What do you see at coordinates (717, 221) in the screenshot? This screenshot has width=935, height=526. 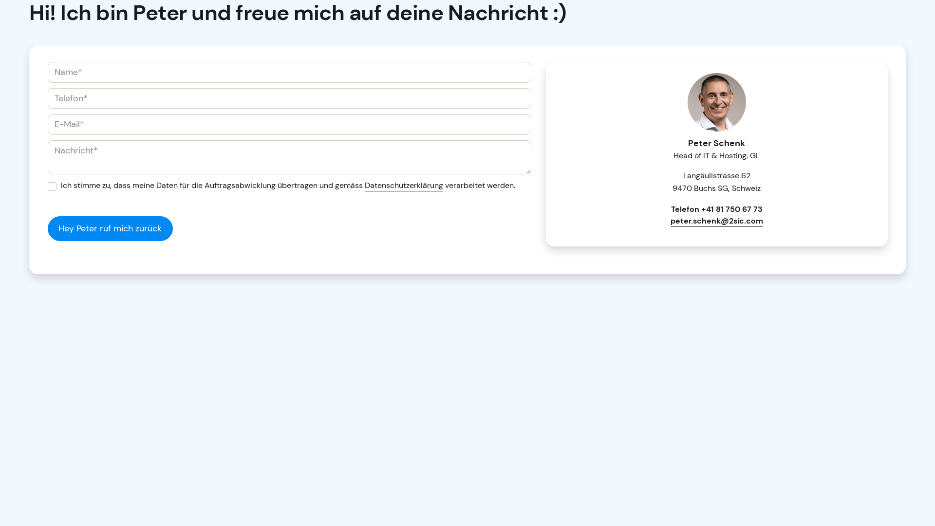 I see `'peter.schenk@2sic.com'` at bounding box center [717, 221].